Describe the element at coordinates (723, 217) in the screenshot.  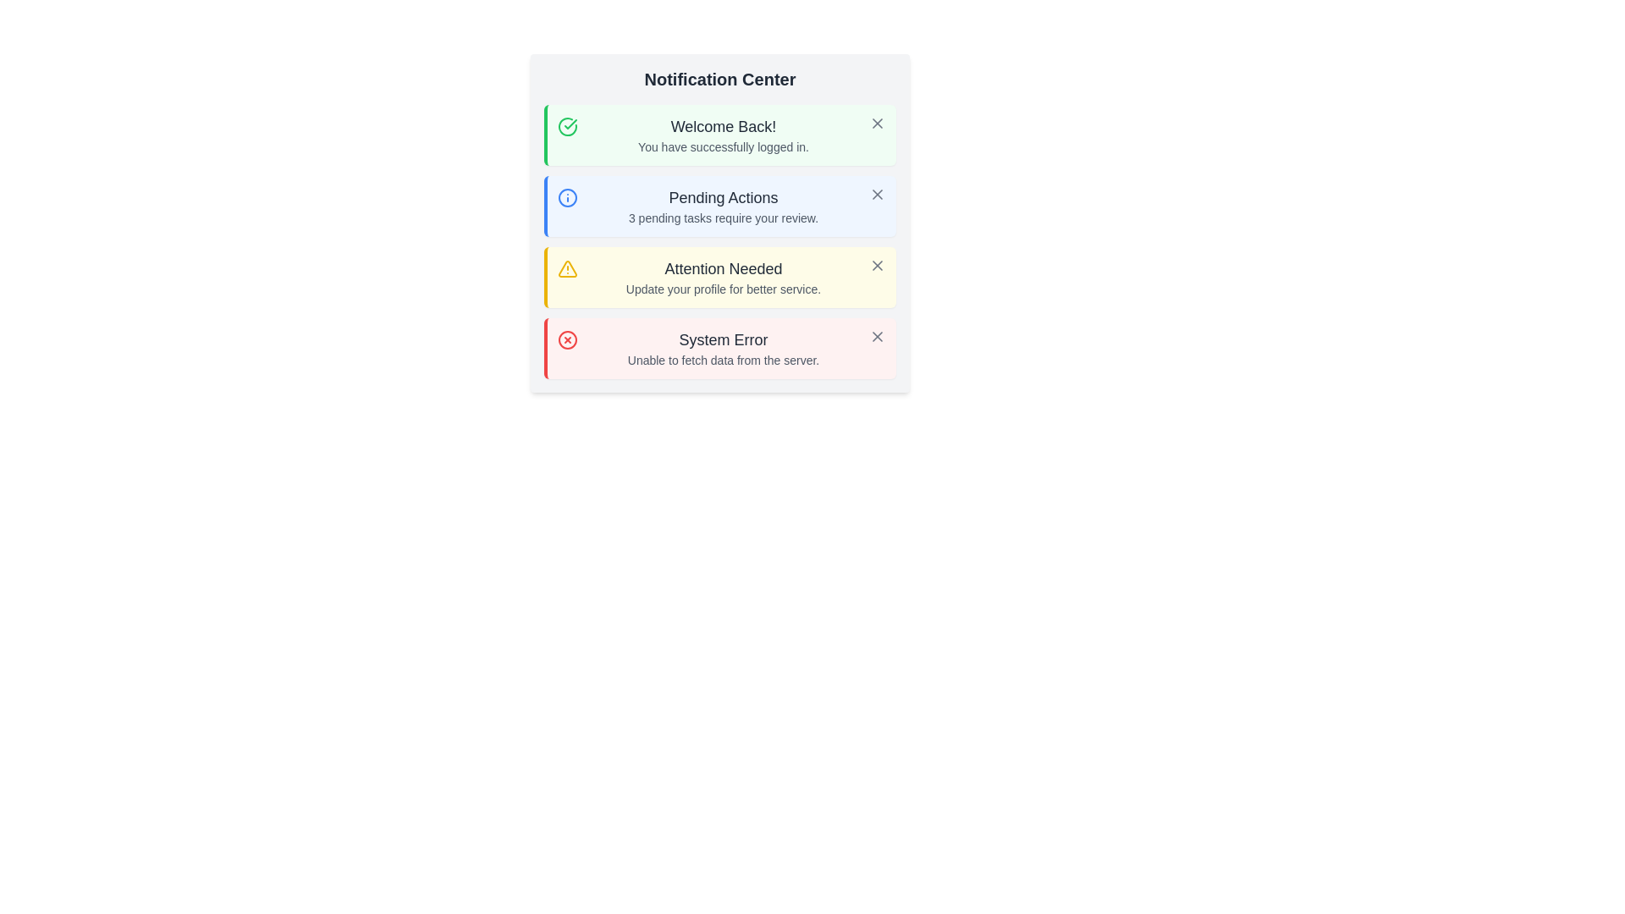
I see `the text element displaying the number of pending tasks, located under the 'Pending Actions' section in the Notification Center` at that location.